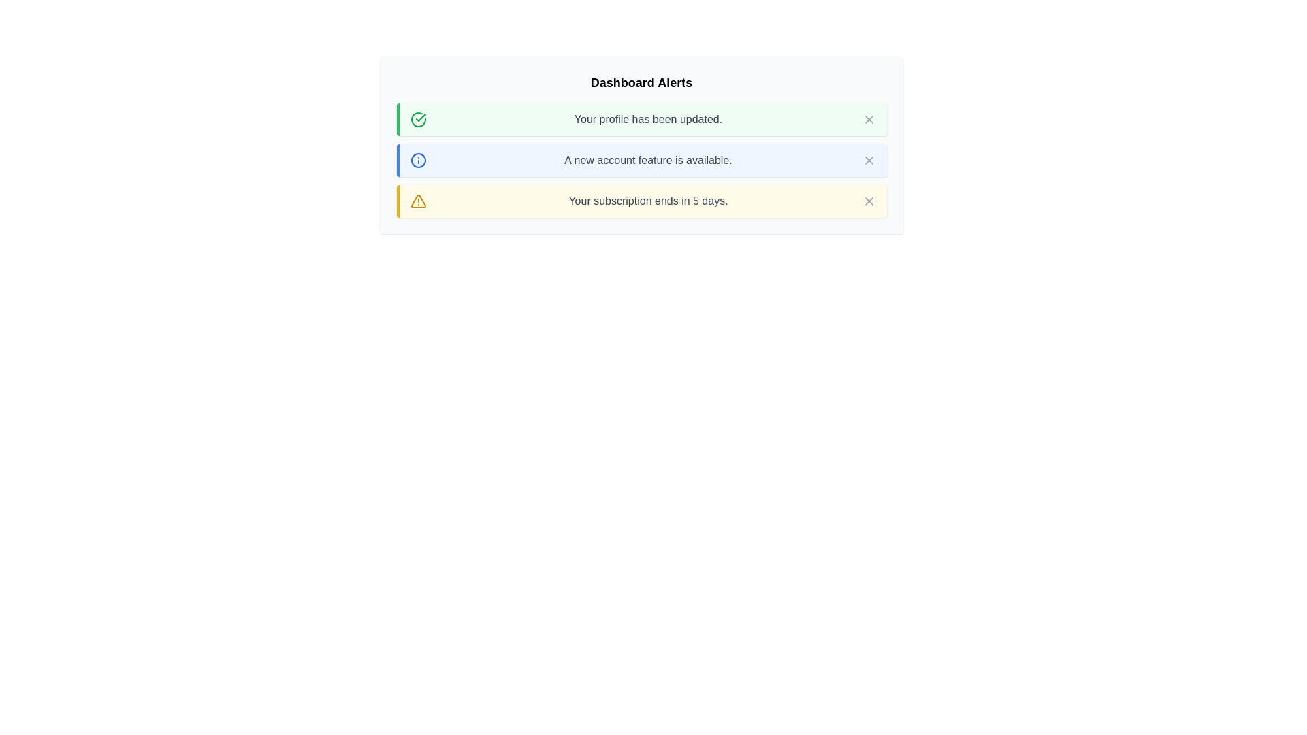 The width and height of the screenshot is (1307, 735). What do you see at coordinates (417, 201) in the screenshot?
I see `the yellow triangular warning icon located on the left side of the notification item stating 'Your subscription ends in 5 days.'` at bounding box center [417, 201].